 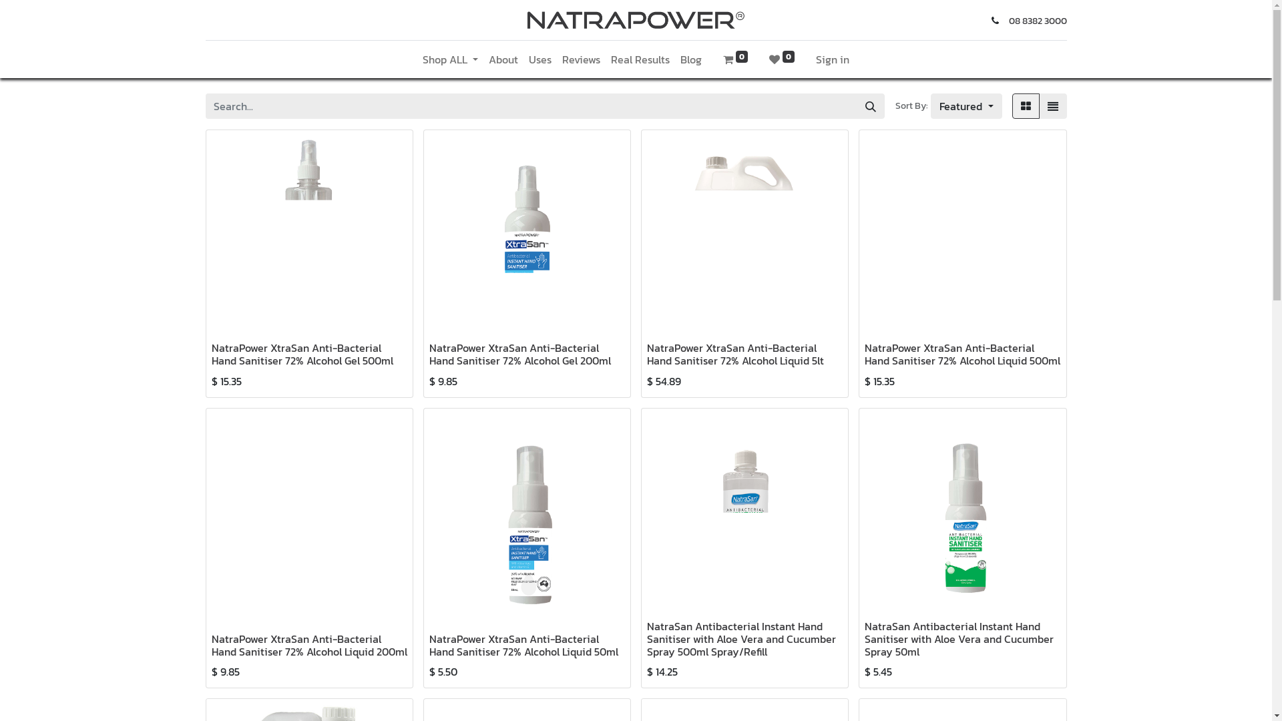 I want to click on 'Reviews', so click(x=581, y=58).